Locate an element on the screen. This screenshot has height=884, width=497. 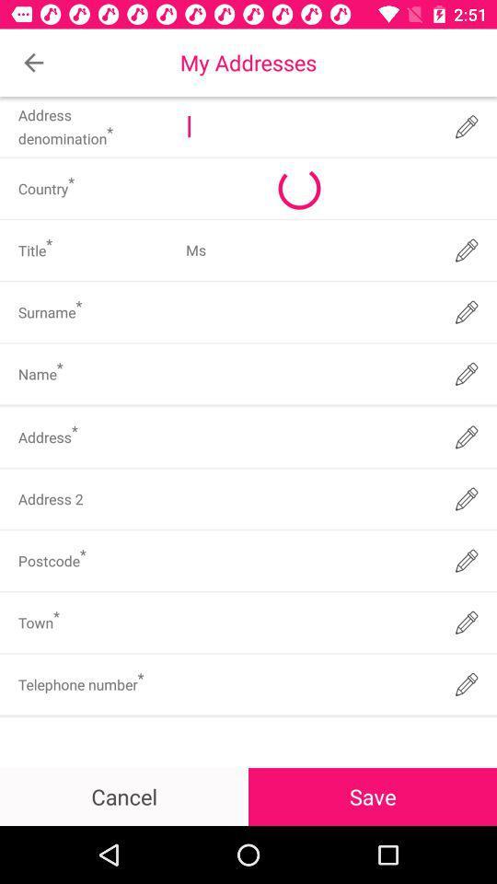
save is located at coordinates (373, 796).